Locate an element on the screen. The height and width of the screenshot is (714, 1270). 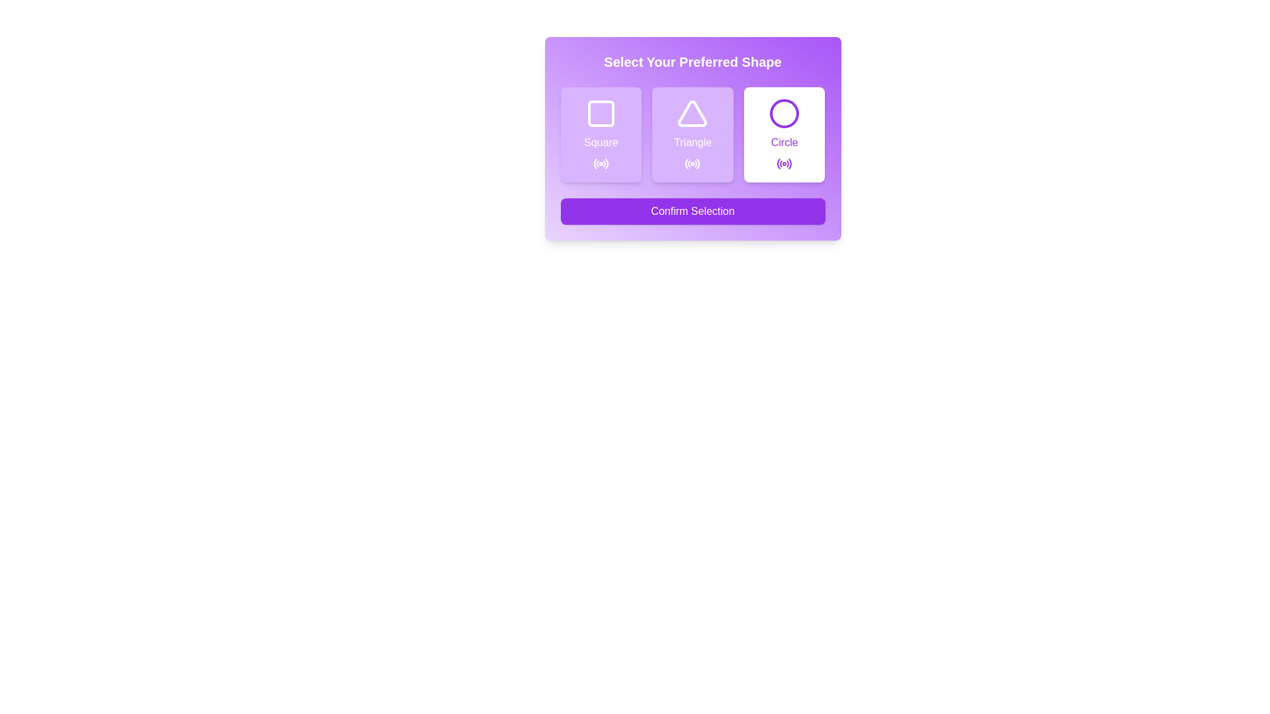
the graphical decoration or visual indicator located inside the leftmost 'Square' option in the selection panel is located at coordinates (600, 113).